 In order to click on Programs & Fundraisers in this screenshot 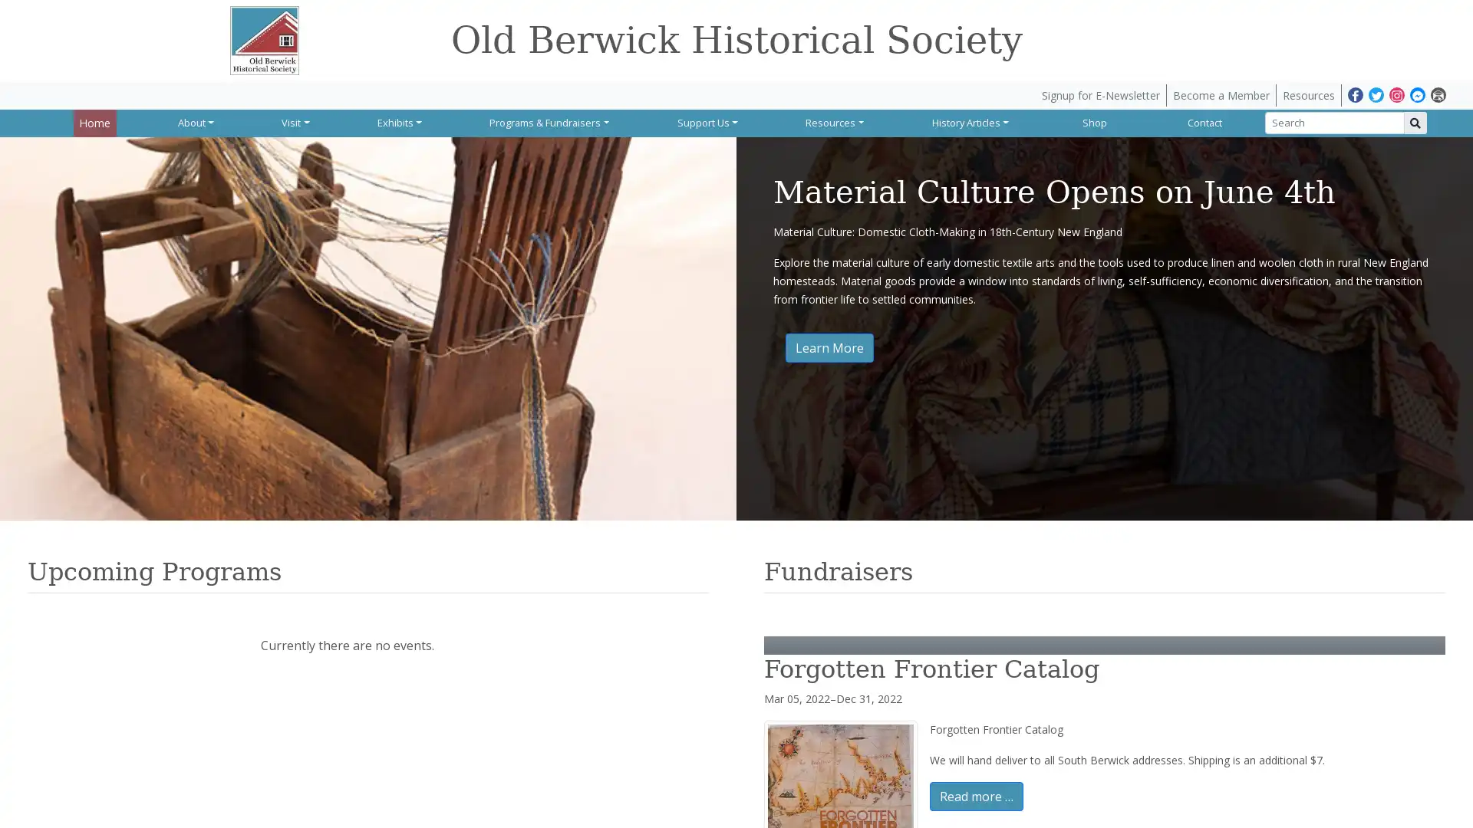, I will do `click(549, 121)`.